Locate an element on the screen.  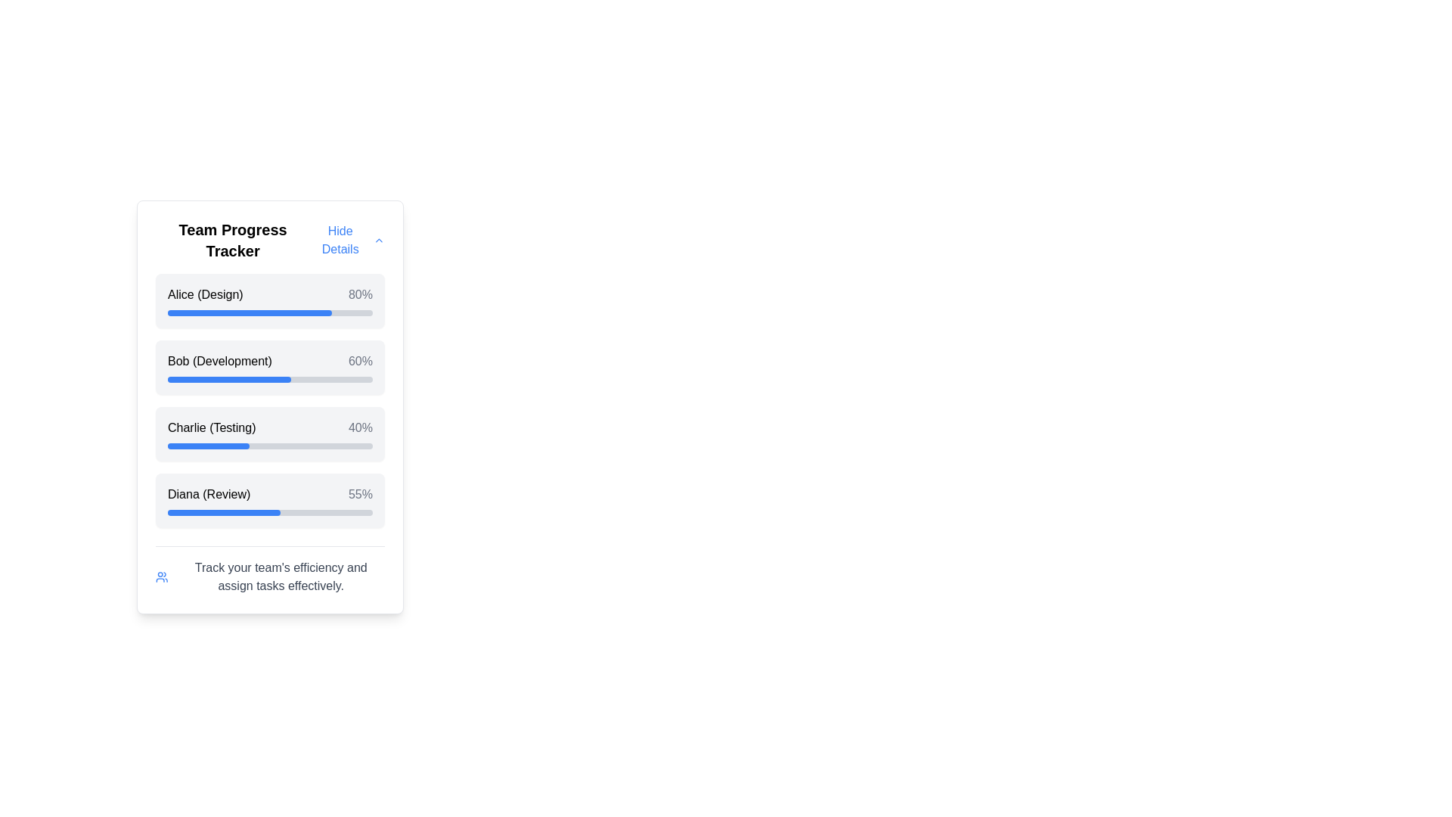
text in the Text with Icon element that features a blue 'users' illustration and the descriptive text: 'Track your team's efficiency and assign tasks effectively.' is located at coordinates (270, 577).